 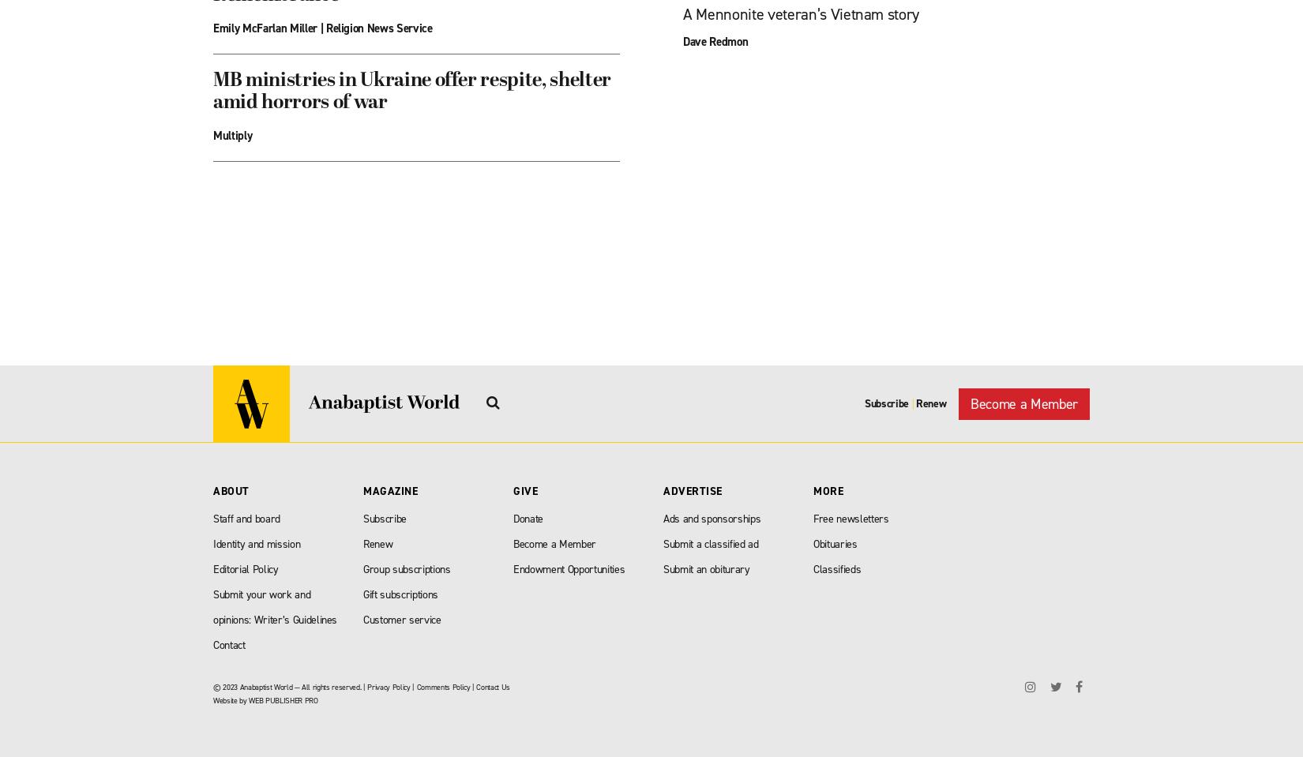 I want to click on 'MORE', so click(x=828, y=491).